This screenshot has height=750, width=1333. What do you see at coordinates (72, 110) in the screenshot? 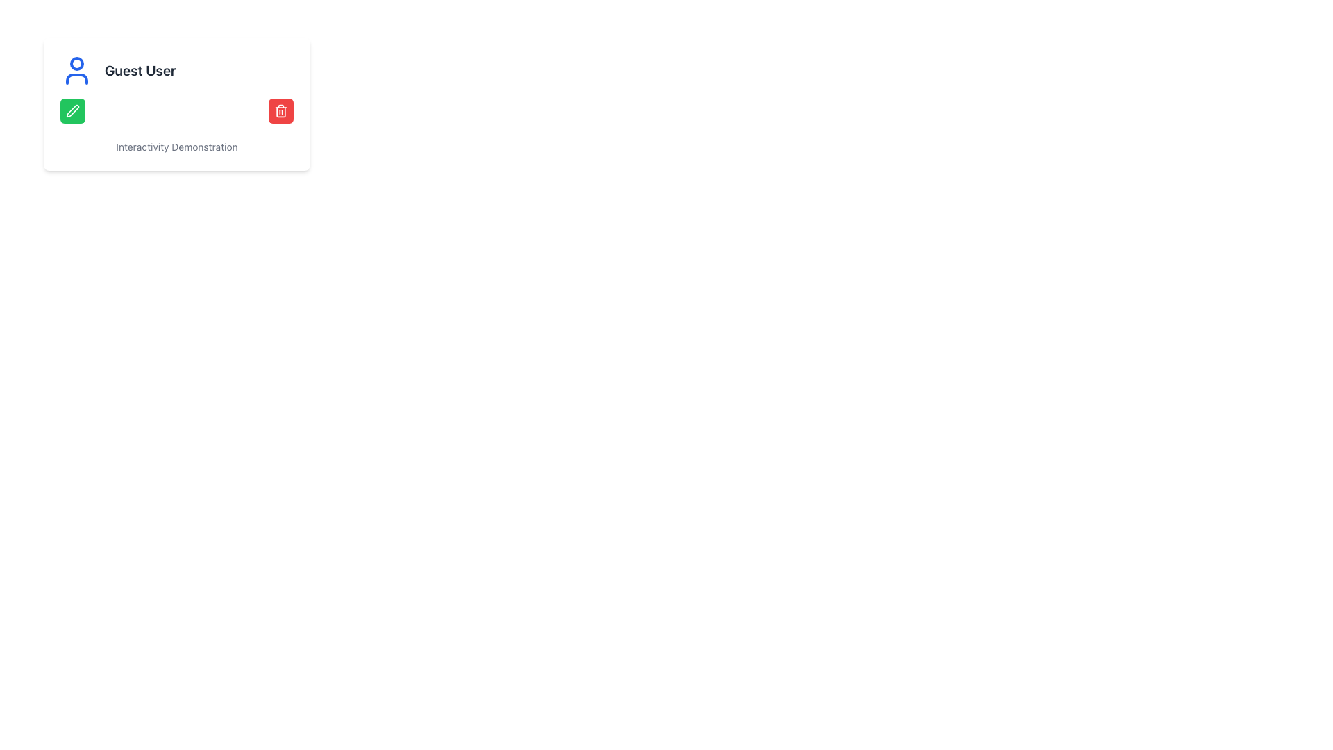
I see `the edit icon button located on the green button at the left-bottom segment of the user card` at bounding box center [72, 110].